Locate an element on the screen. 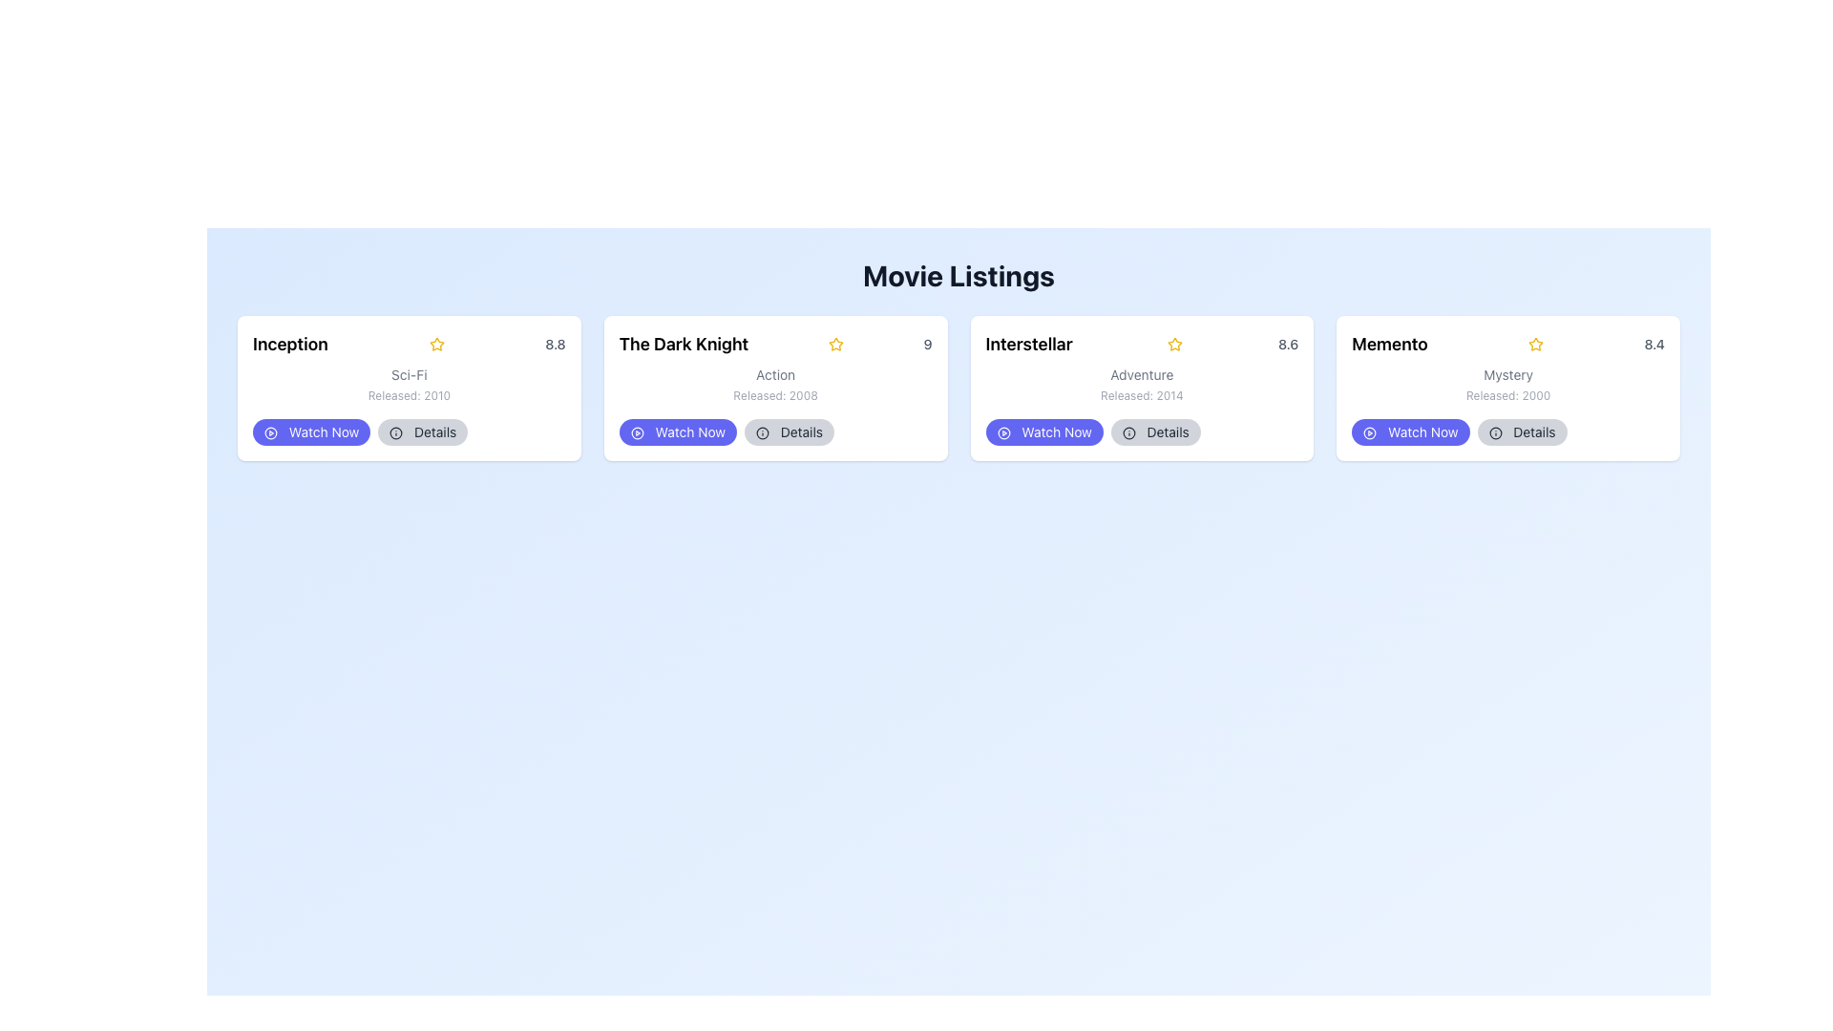 Image resolution: width=1833 pixels, height=1031 pixels. the text element displaying '8.4' in gray color, which is positioned on the far right of the 'Memento' card in the movie listings grid is located at coordinates (1654, 345).